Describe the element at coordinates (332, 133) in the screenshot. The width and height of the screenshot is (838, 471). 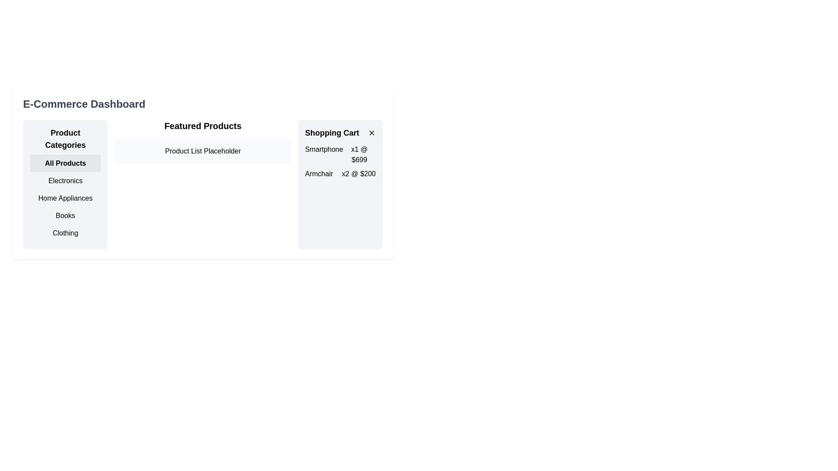
I see `the text label that serves as the header for the shopping cart section, informing users of the section's purpose` at that location.